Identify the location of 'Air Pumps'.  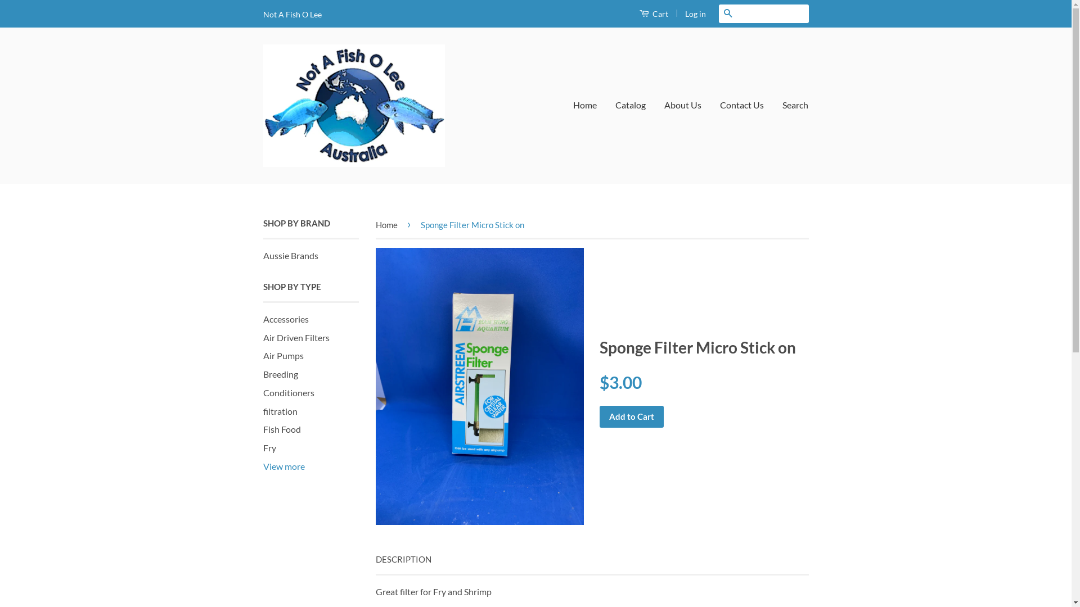
(283, 355).